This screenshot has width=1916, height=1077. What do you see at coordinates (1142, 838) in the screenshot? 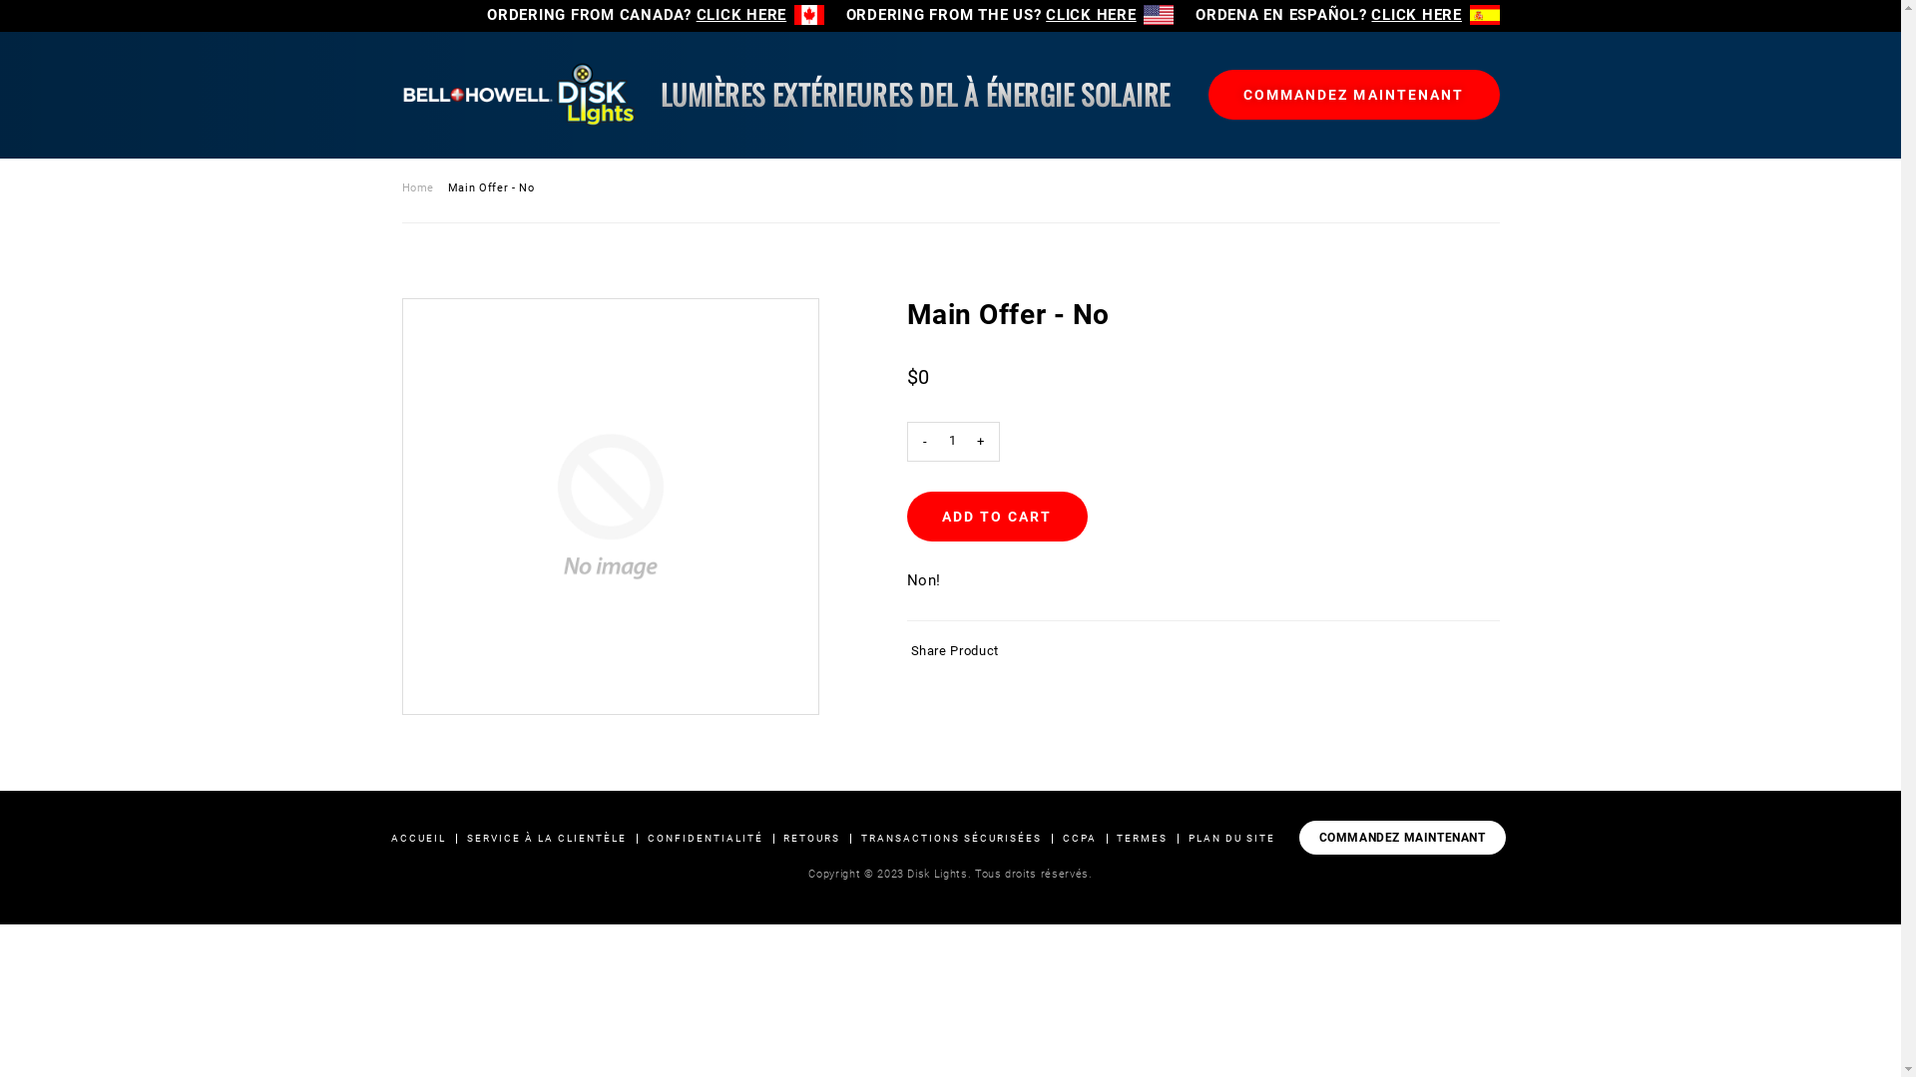
I see `'TERMES'` at bounding box center [1142, 838].